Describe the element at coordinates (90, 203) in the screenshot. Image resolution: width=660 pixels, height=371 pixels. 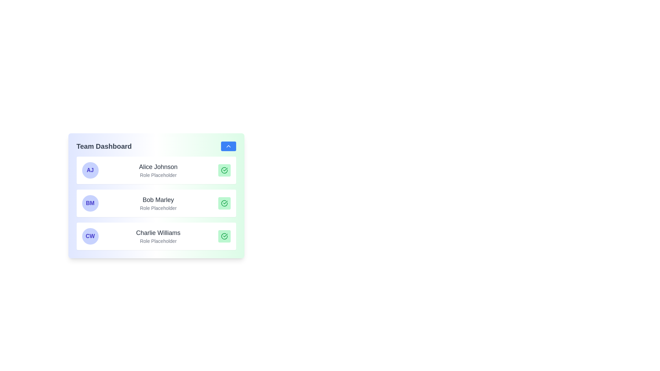
I see `the Profile icon with light indigo background and initials 'BM' located to the left of 'Bob Marley'` at that location.